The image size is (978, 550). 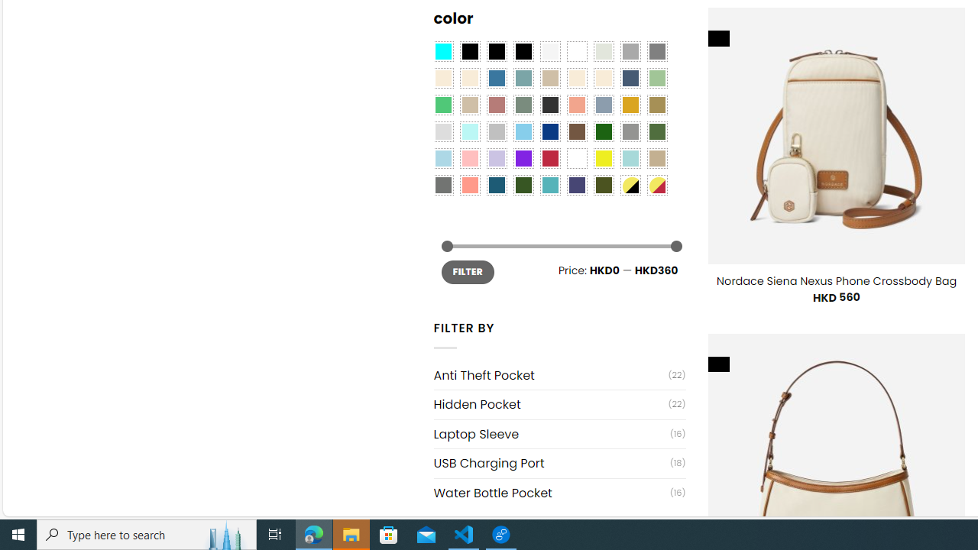 I want to click on 'Light Blue', so click(x=442, y=159).